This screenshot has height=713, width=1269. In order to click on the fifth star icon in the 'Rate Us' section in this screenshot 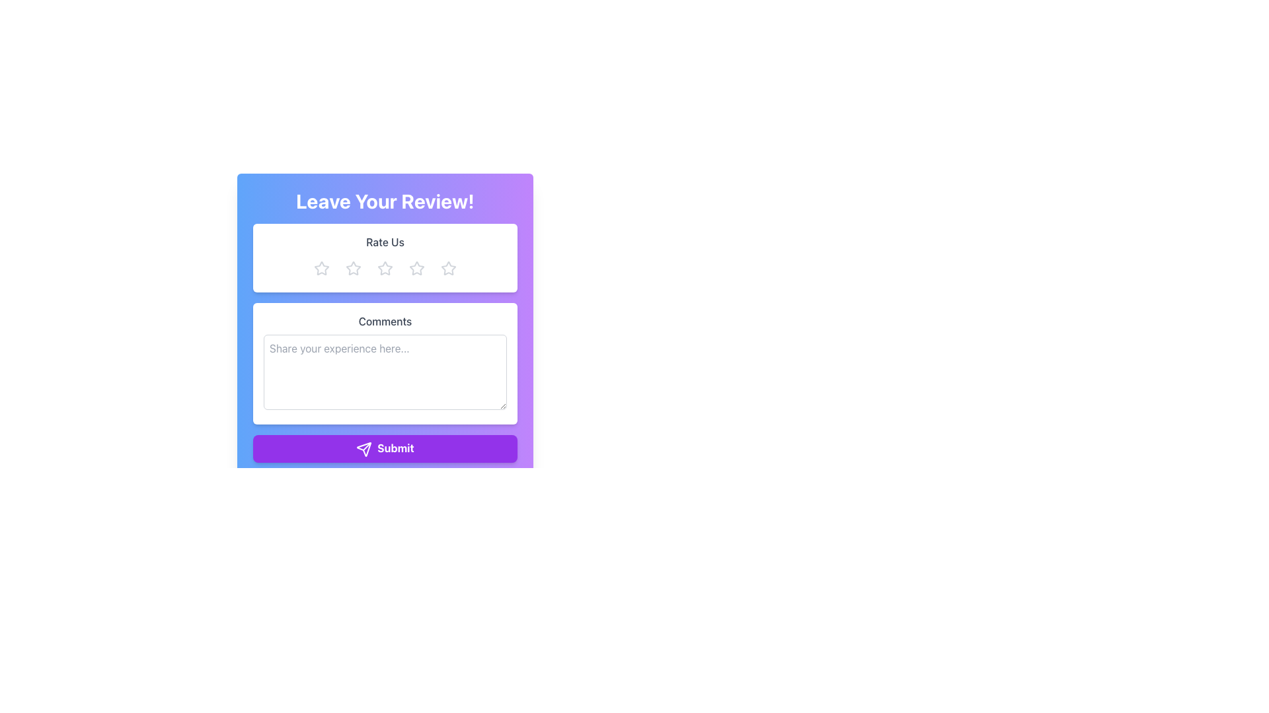, I will do `click(448, 267)`.